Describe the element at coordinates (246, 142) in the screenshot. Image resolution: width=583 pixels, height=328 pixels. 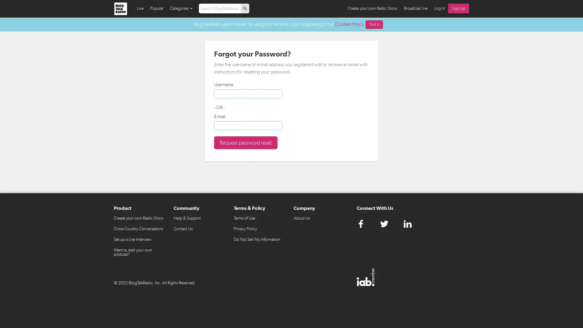
I see `Request password reset` at that location.